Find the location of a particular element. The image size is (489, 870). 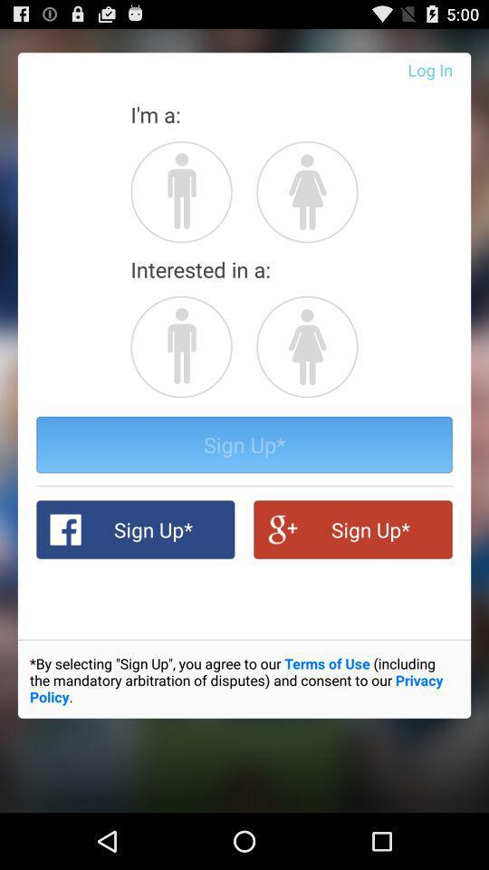

2nd icon below interested in a is located at coordinates (306, 345).